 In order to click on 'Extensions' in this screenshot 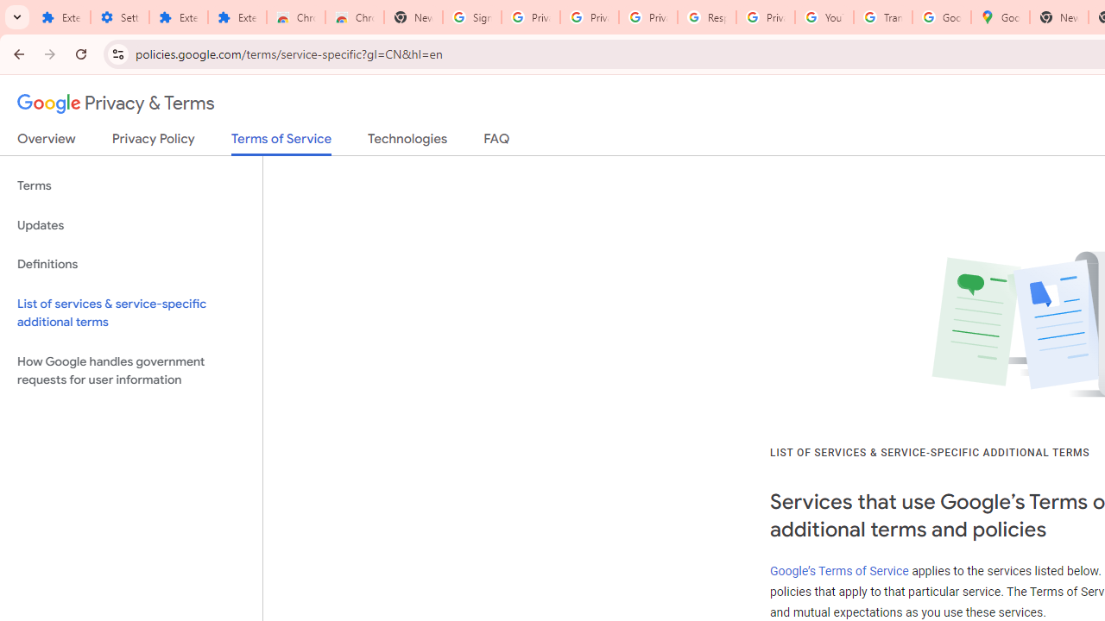, I will do `click(178, 17)`.